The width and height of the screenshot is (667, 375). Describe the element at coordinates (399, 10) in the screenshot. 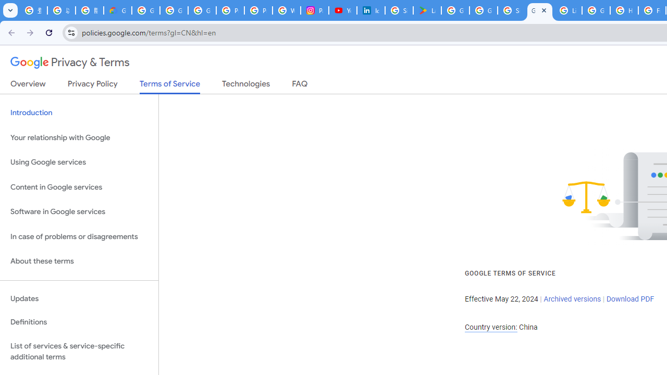

I see `'Sign in - Google Accounts'` at that location.